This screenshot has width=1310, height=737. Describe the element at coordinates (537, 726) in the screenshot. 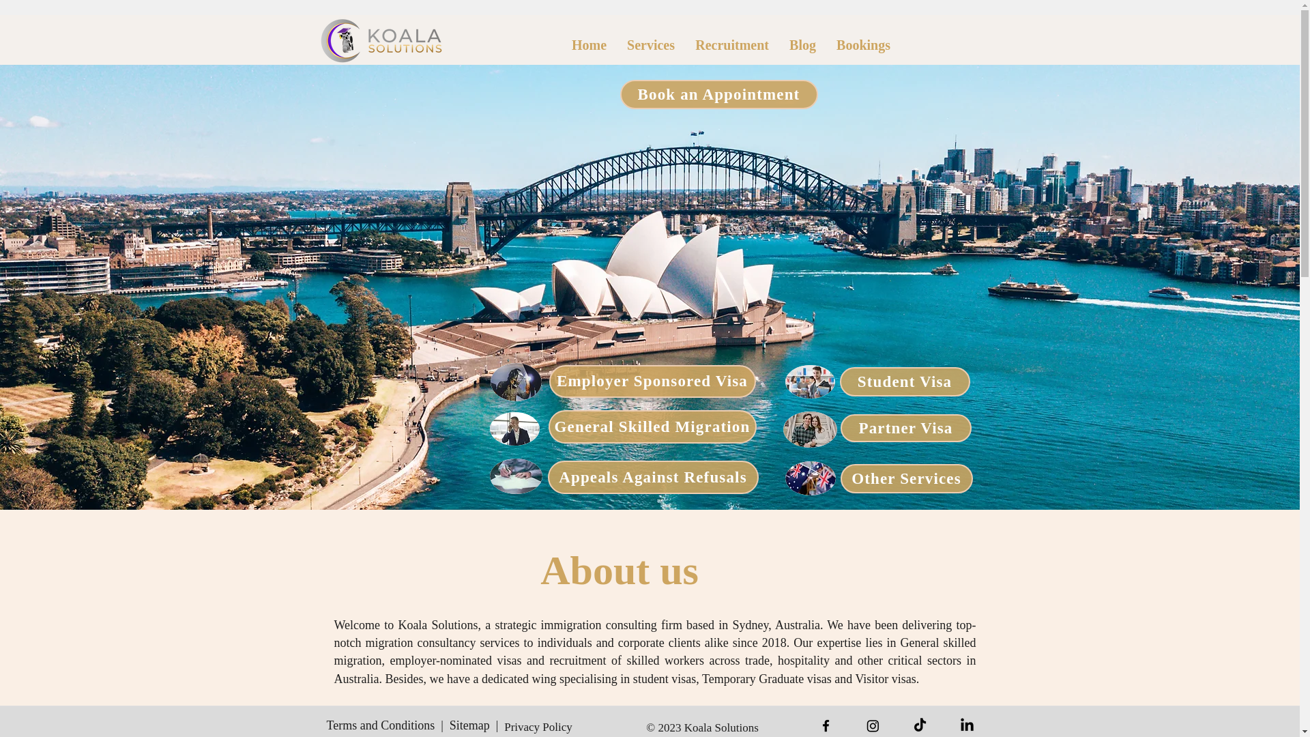

I see `'Privacy Policy'` at that location.